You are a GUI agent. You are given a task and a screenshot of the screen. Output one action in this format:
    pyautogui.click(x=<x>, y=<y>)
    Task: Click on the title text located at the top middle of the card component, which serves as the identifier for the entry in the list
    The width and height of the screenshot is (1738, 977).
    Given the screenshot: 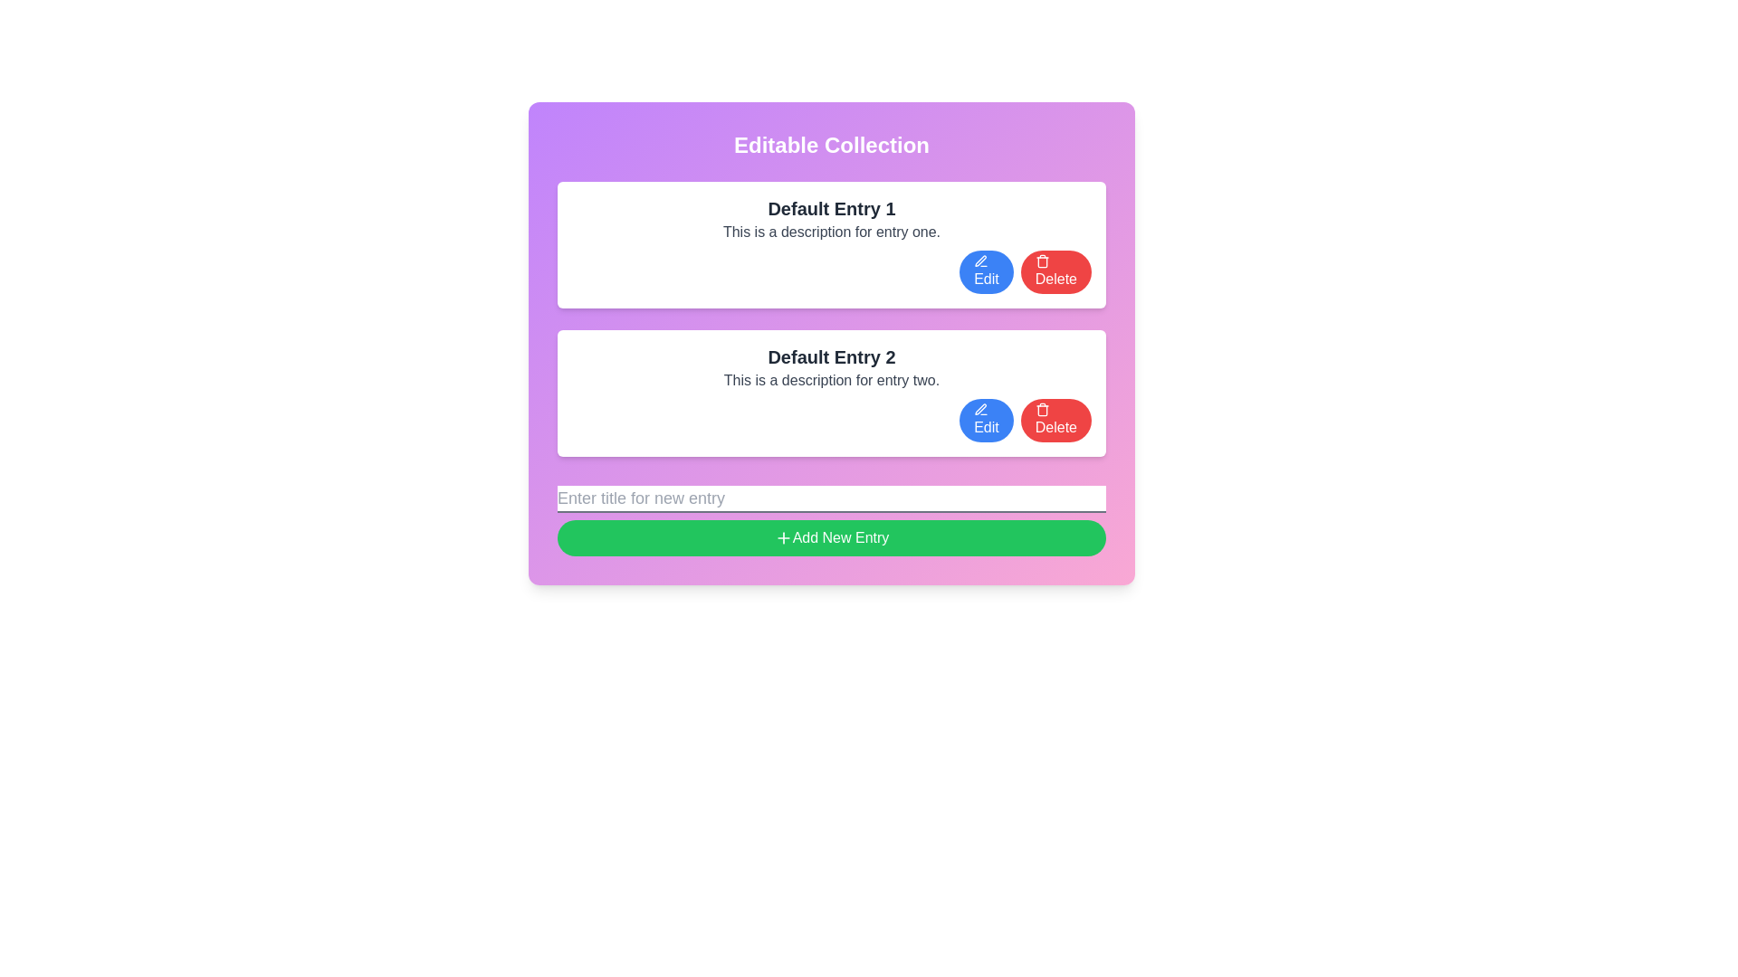 What is the action you would take?
    pyautogui.click(x=830, y=356)
    